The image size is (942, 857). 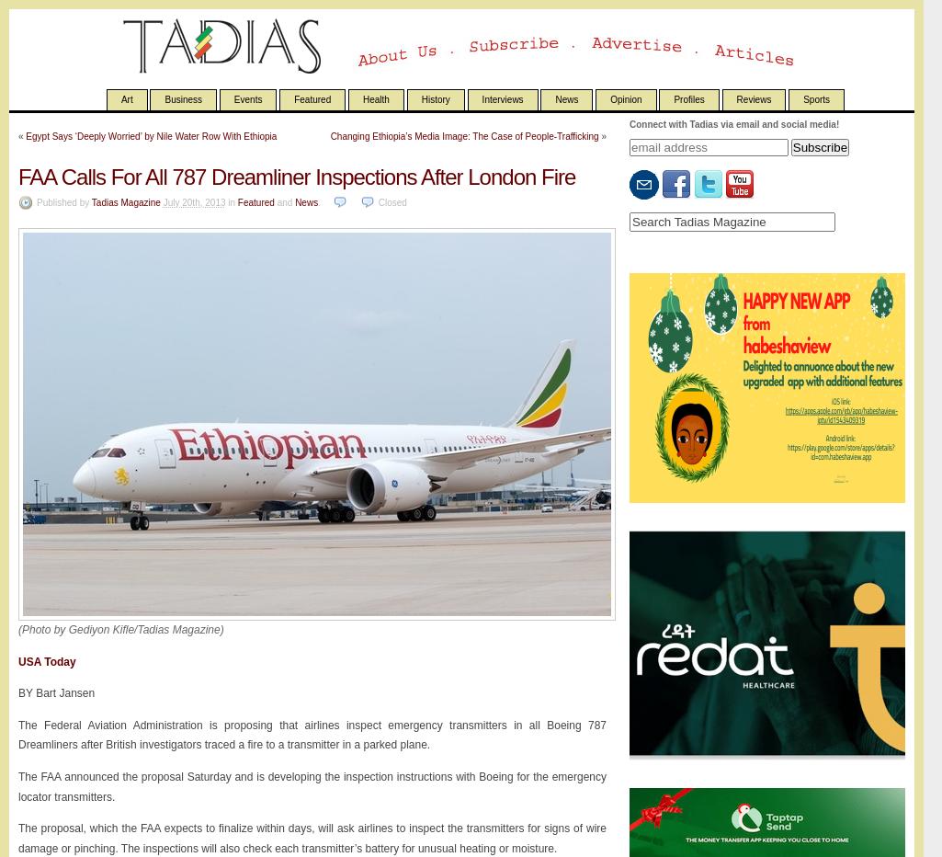 What do you see at coordinates (391, 202) in the screenshot?
I see `'Closed'` at bounding box center [391, 202].